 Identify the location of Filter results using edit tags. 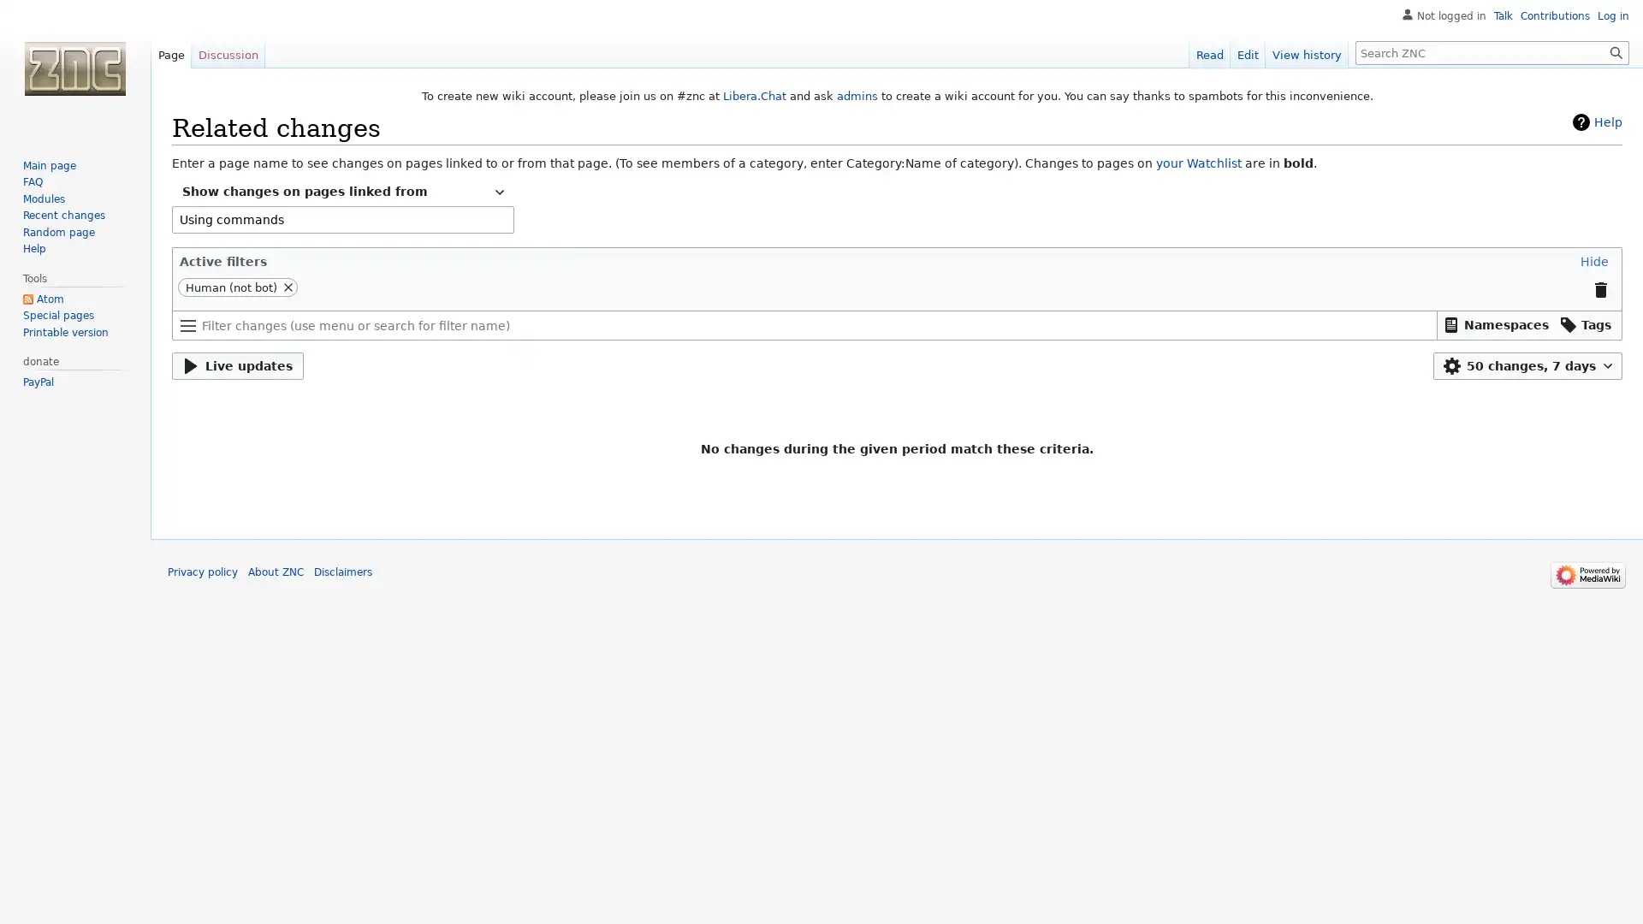
(1585, 325).